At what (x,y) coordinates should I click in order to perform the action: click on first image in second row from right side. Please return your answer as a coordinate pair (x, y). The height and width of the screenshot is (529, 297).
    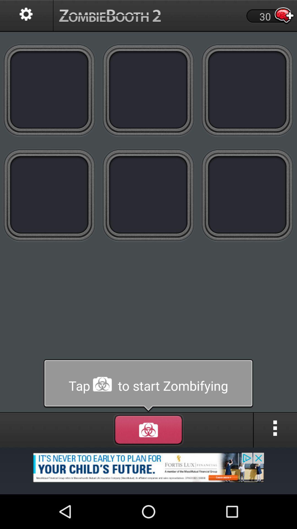
    Looking at the image, I should click on (248, 195).